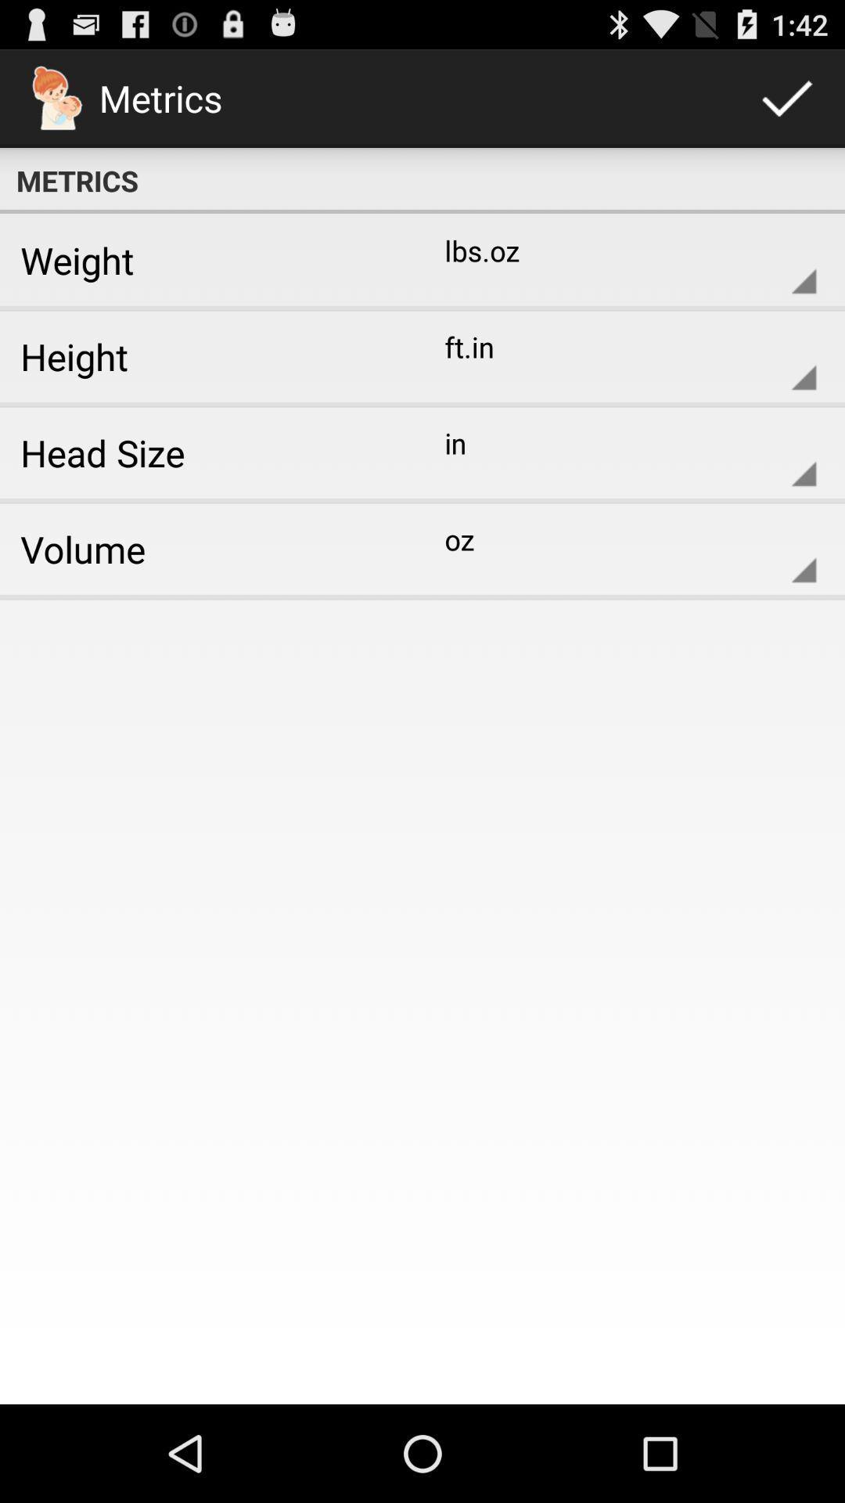 Image resolution: width=845 pixels, height=1503 pixels. I want to click on app to the right of metrics icon, so click(787, 97).